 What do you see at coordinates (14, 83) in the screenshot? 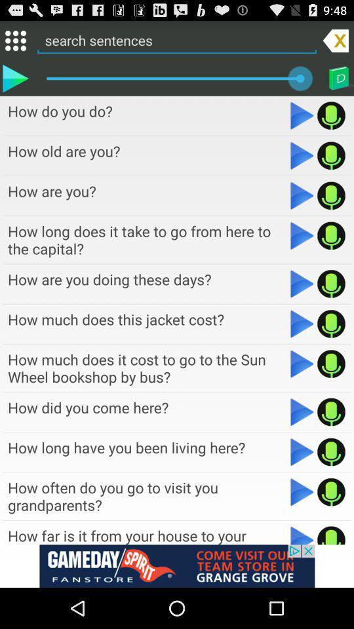
I see `the play icon` at bounding box center [14, 83].